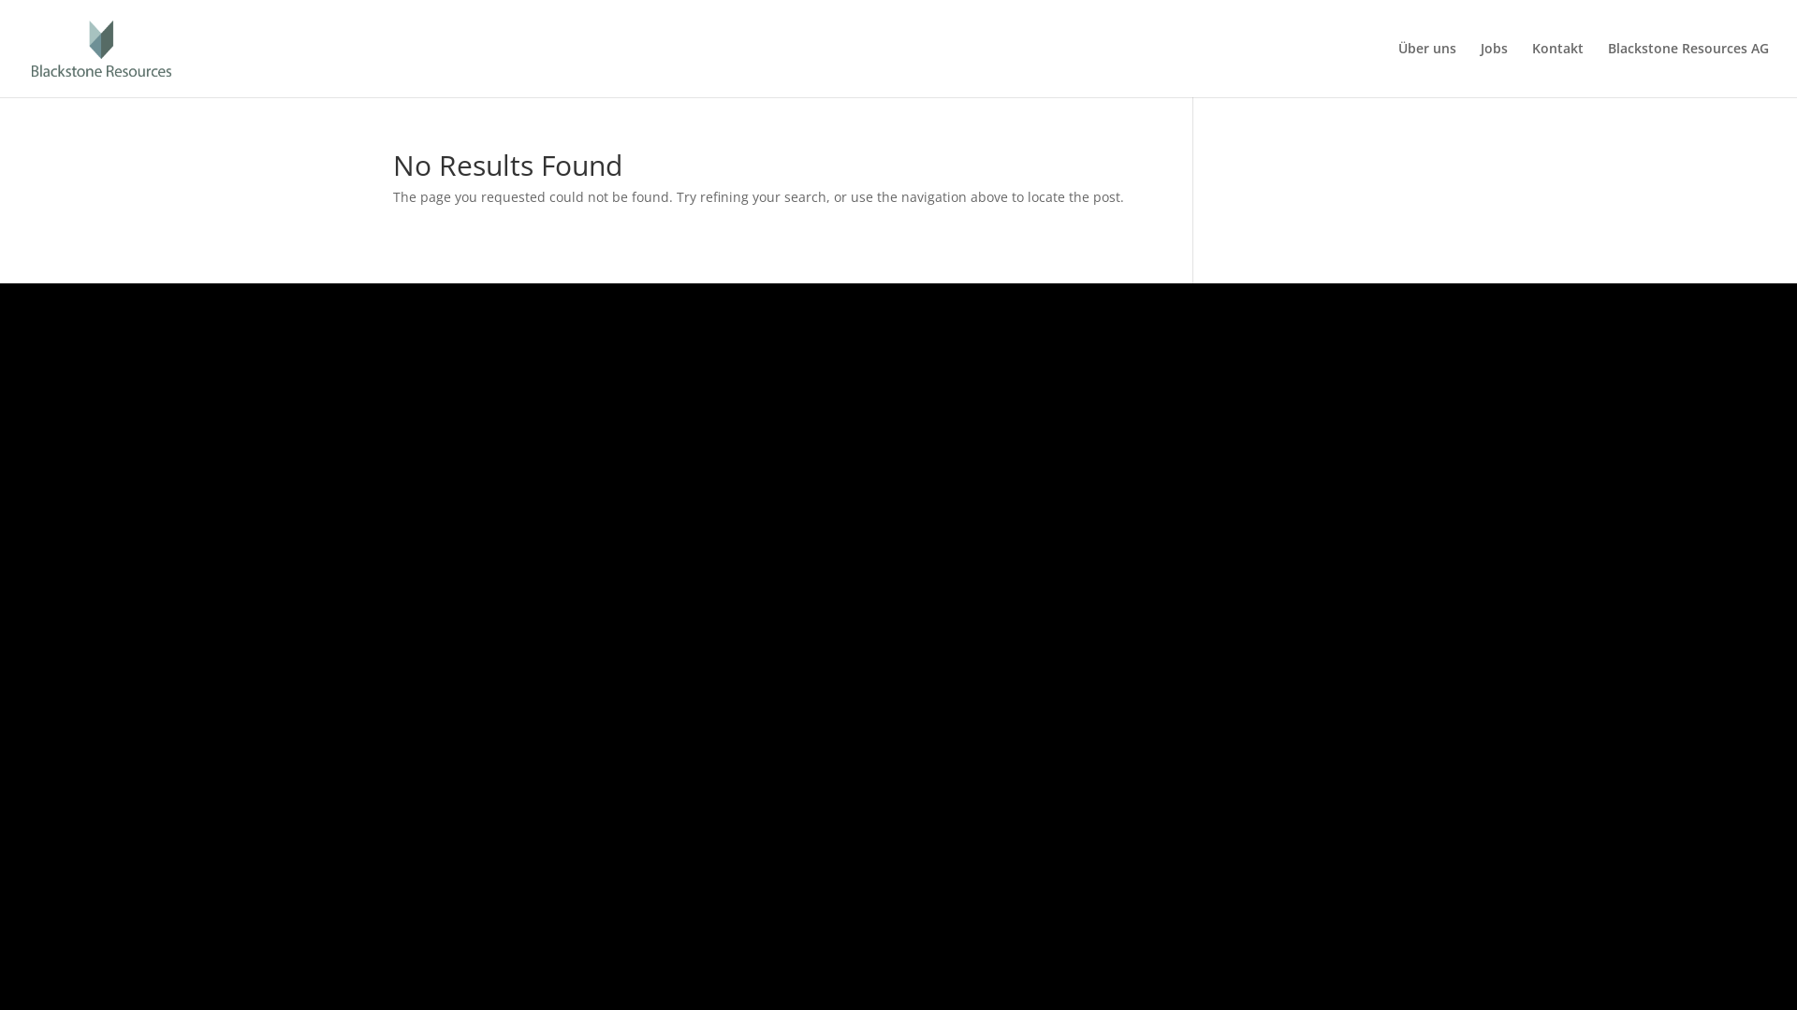  I want to click on 'Jobs', so click(1493, 68).